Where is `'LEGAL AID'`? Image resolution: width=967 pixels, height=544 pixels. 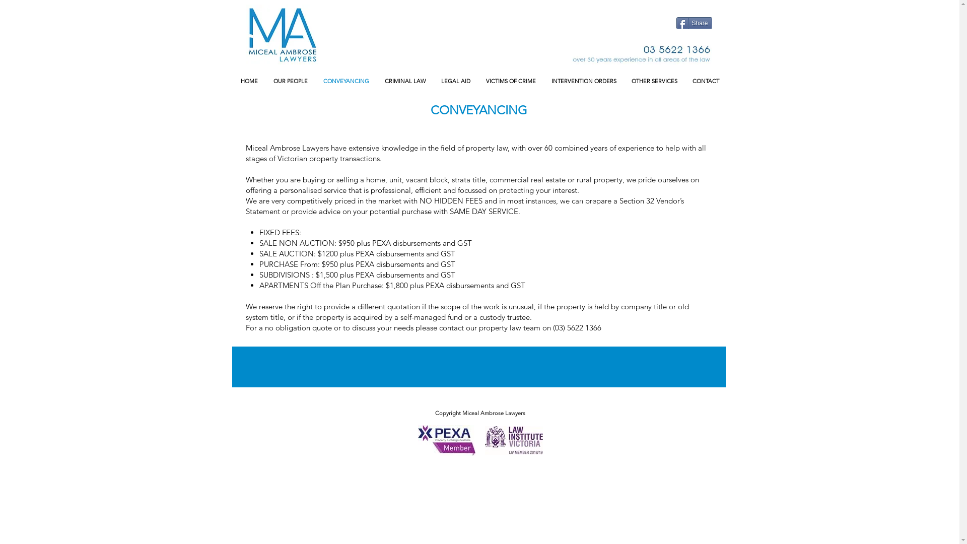 'LEGAL AID' is located at coordinates (455, 81).